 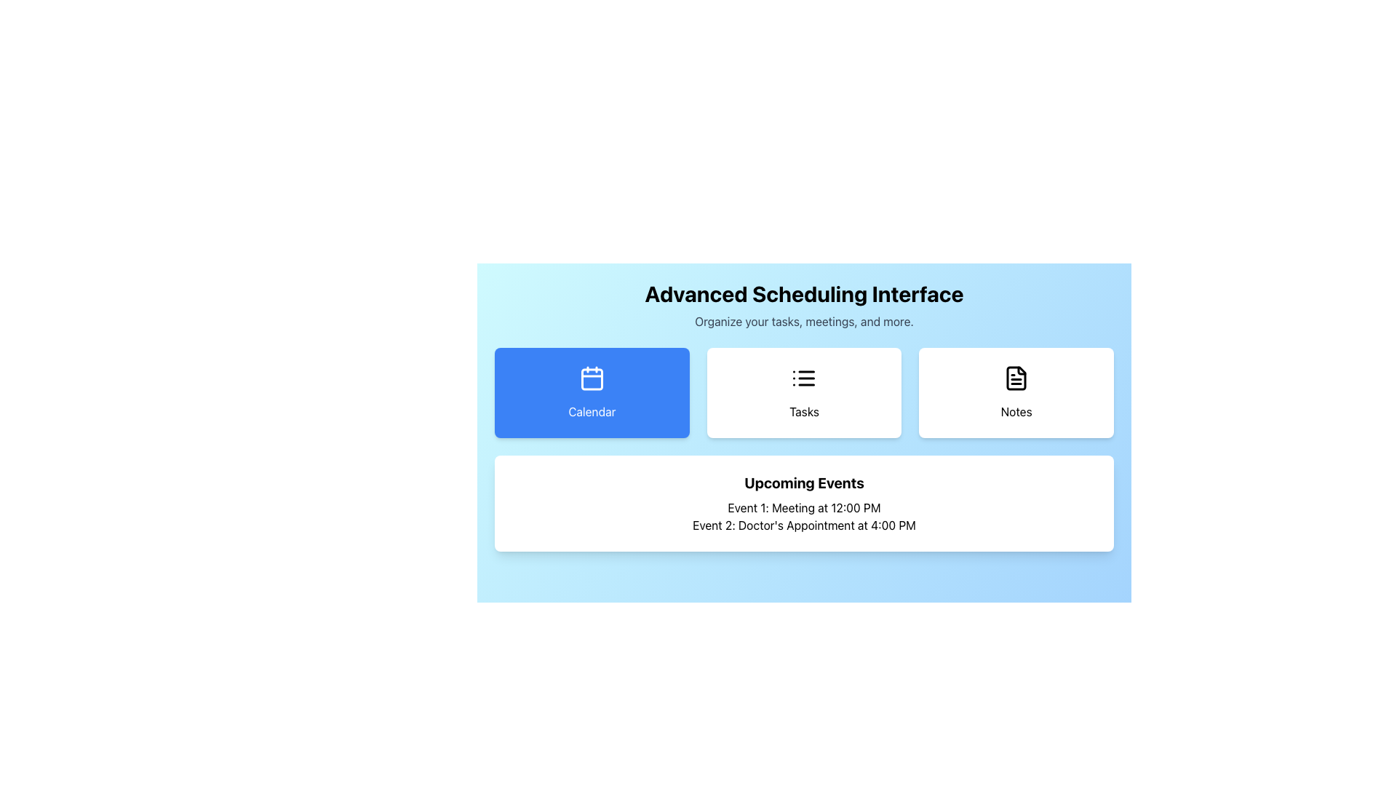 What do you see at coordinates (592, 393) in the screenshot?
I see `the first button in the horizontal row of three, located at the top left corner` at bounding box center [592, 393].